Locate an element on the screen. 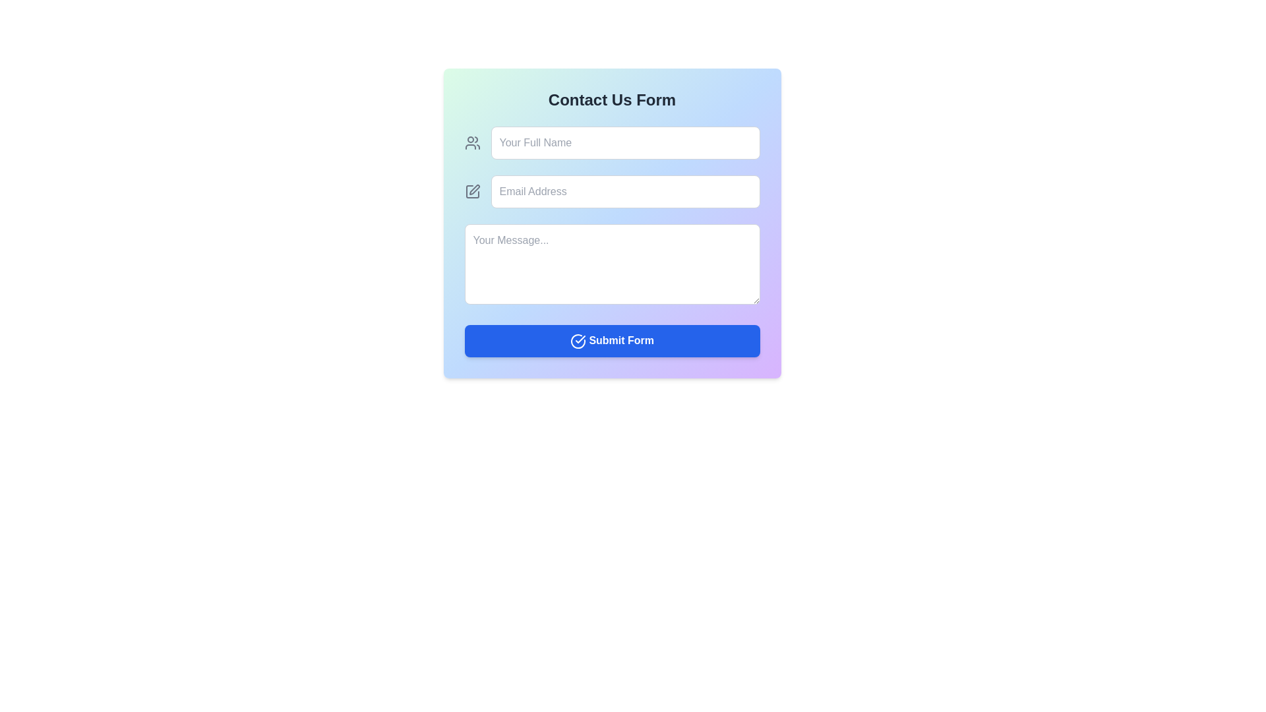  the gray pen icon located to the left of the 'Email Address' input field in the contact form is located at coordinates (472, 191).